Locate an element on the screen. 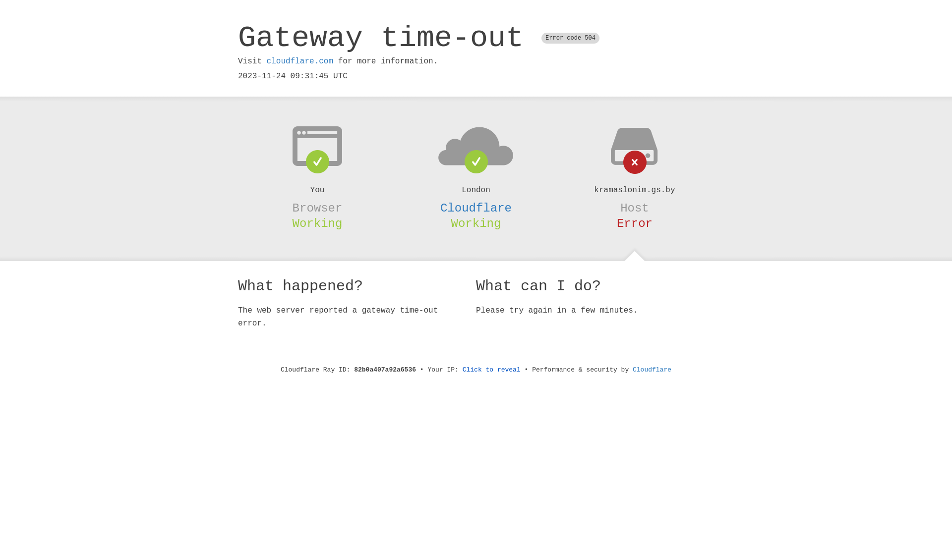  'Cloudflare' is located at coordinates (476, 208).